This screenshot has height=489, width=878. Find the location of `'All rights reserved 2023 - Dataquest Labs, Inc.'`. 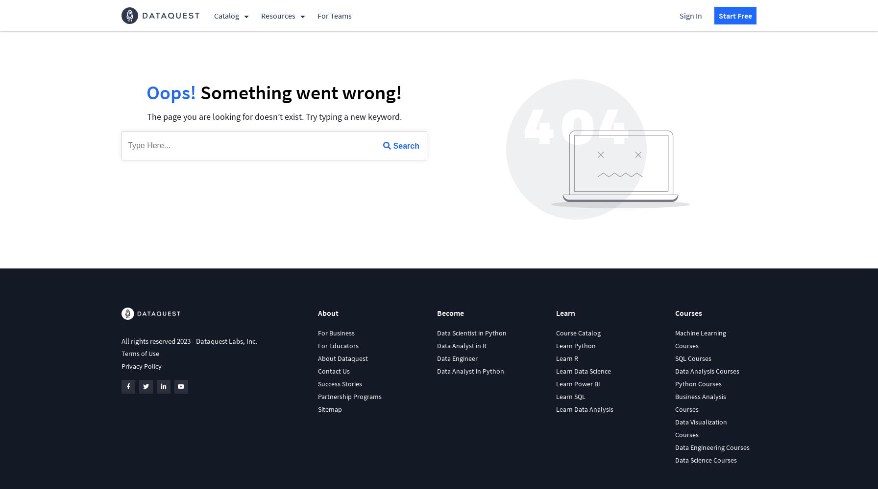

'All rights reserved 2023 - Dataquest Labs, Inc.' is located at coordinates (122, 340).